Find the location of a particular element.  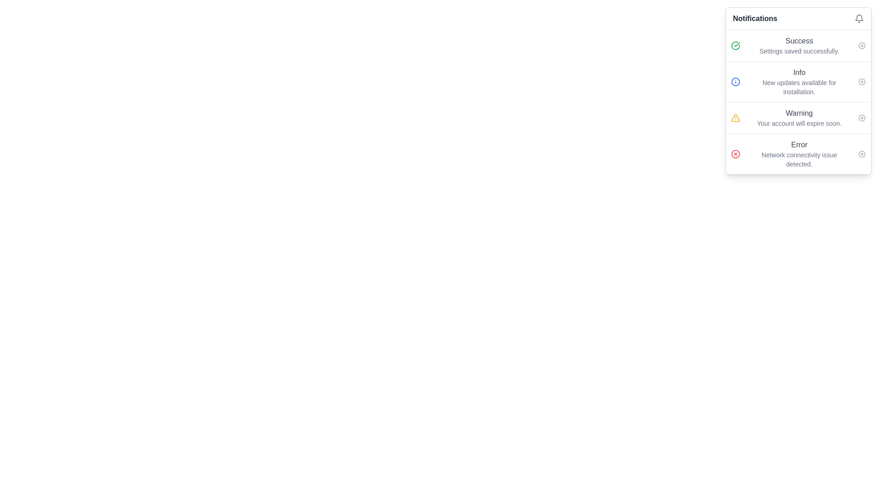

the dismiss icon of the second notification item in the list that displays an information icon with the title 'Info' and message 'New updates available for installation.' is located at coordinates (798, 81).